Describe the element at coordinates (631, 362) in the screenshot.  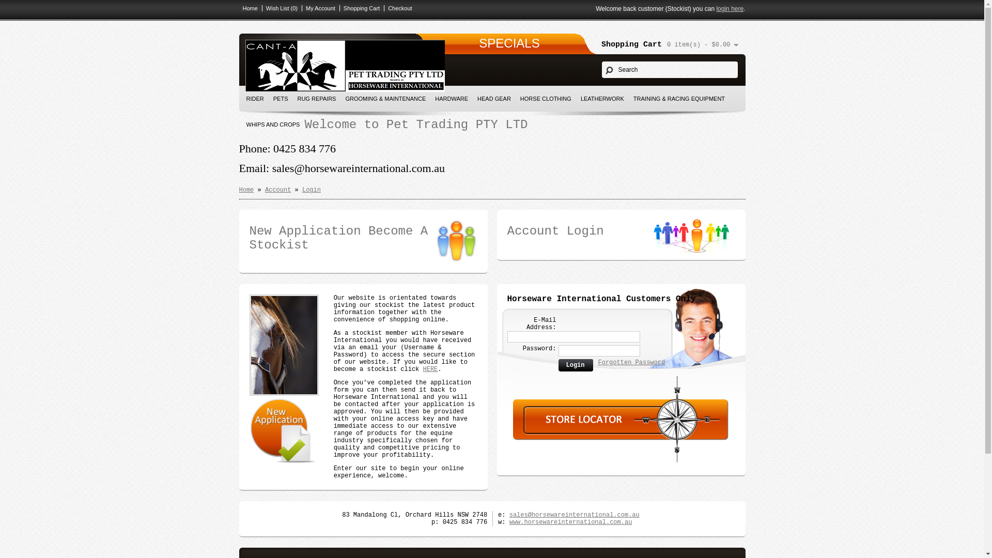
I see `'Forgotten Password'` at that location.